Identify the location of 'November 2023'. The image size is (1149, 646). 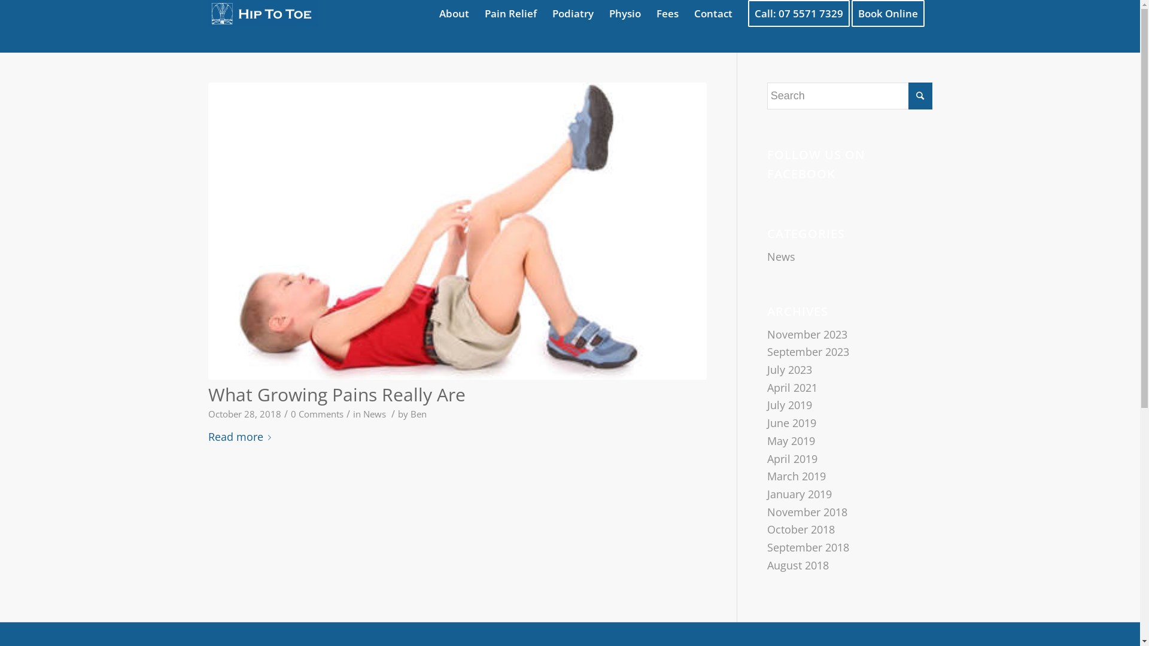
(807, 334).